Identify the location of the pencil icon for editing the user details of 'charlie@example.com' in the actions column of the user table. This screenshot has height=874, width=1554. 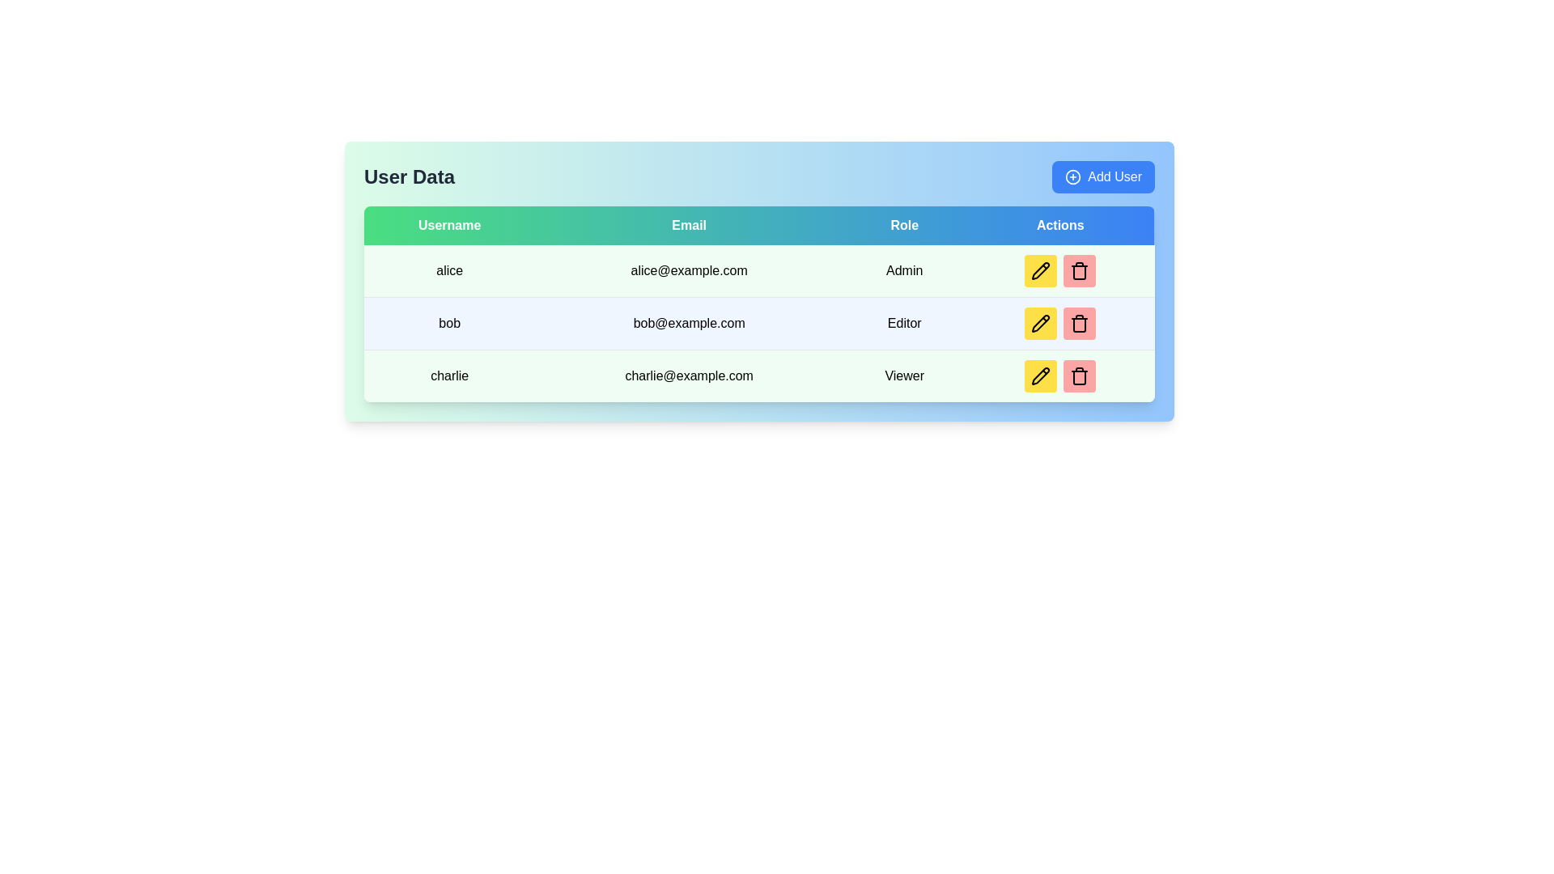
(1041, 376).